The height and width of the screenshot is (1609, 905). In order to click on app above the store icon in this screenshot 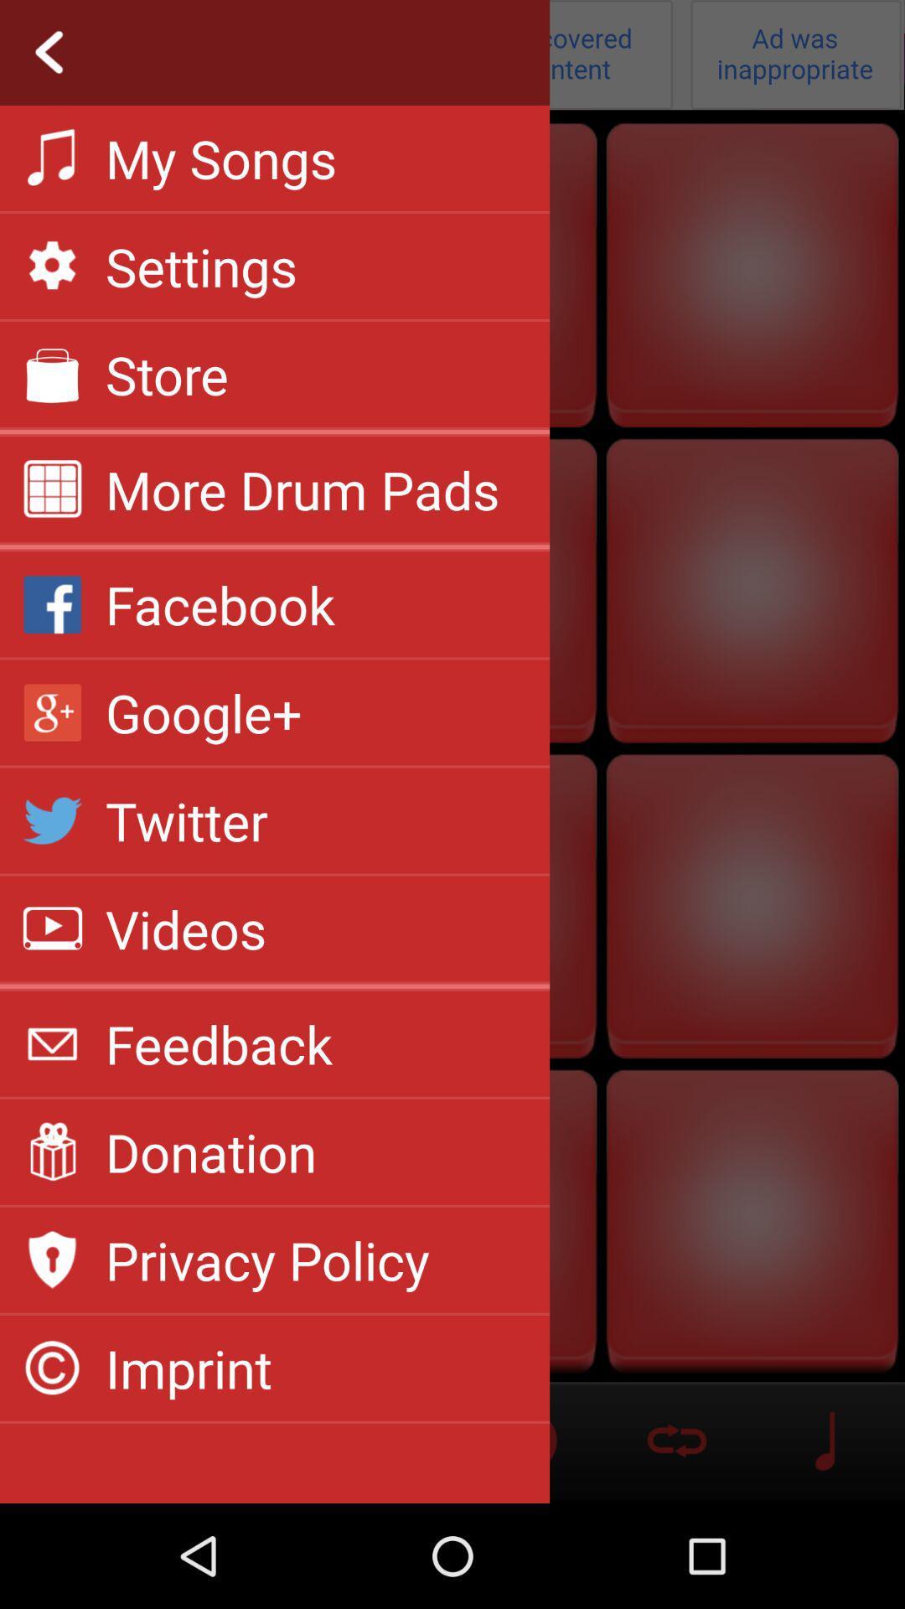, I will do `click(200, 265)`.